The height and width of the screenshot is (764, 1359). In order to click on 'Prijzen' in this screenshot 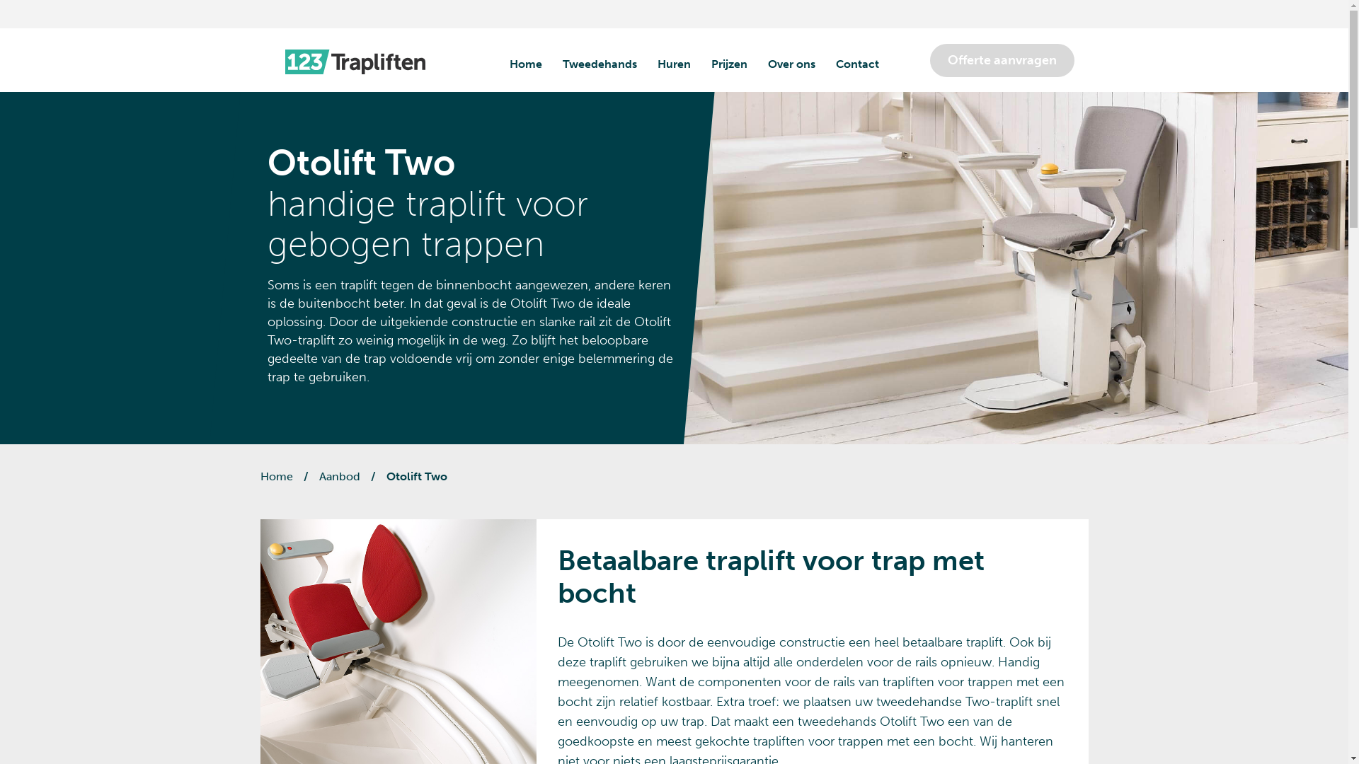, I will do `click(728, 64)`.